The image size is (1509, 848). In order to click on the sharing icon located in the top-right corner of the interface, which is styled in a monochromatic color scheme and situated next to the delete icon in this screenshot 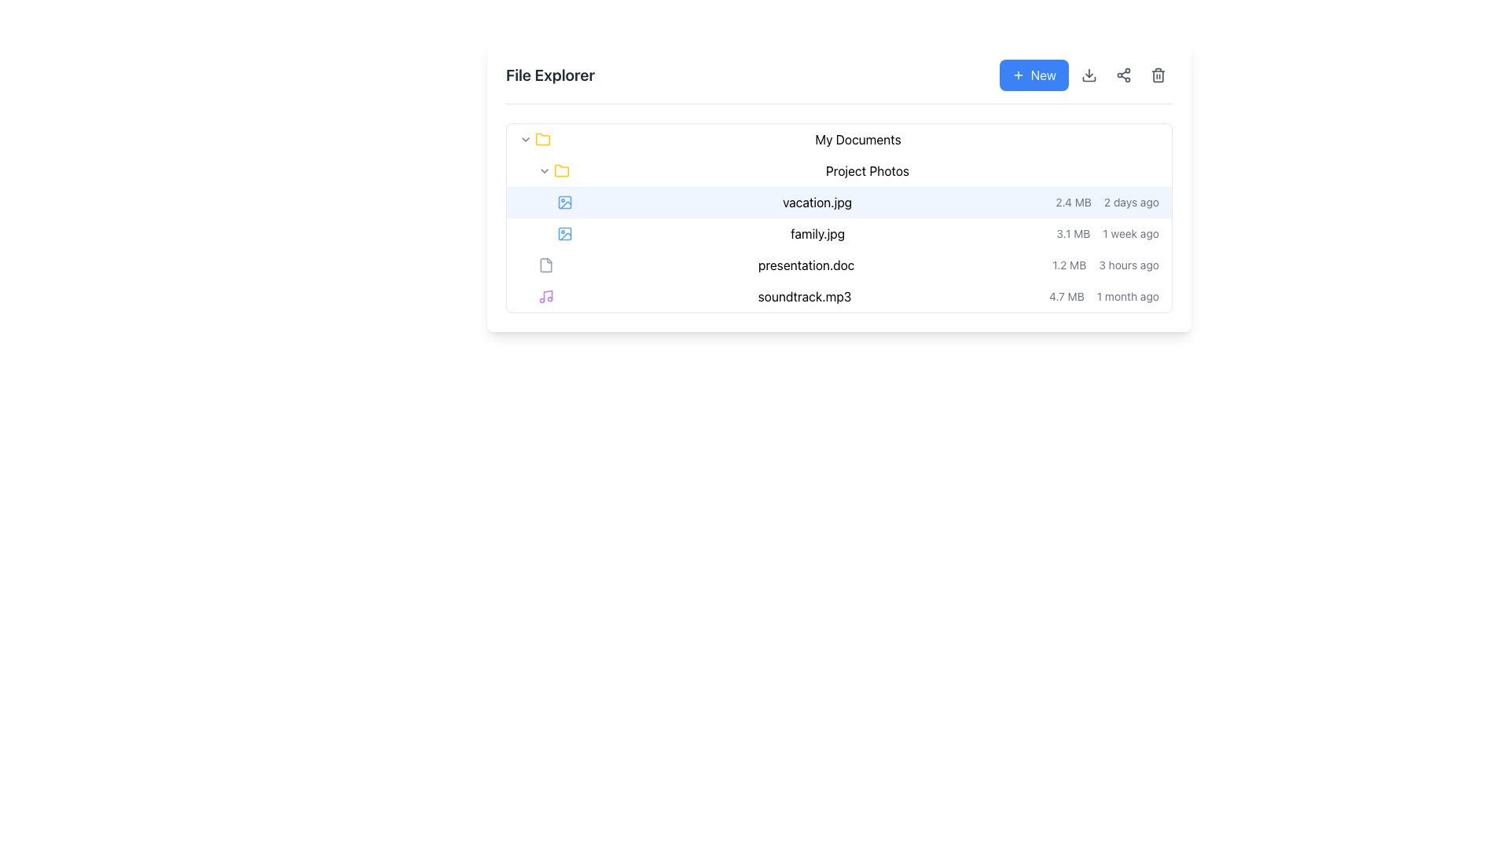, I will do `click(1123, 75)`.